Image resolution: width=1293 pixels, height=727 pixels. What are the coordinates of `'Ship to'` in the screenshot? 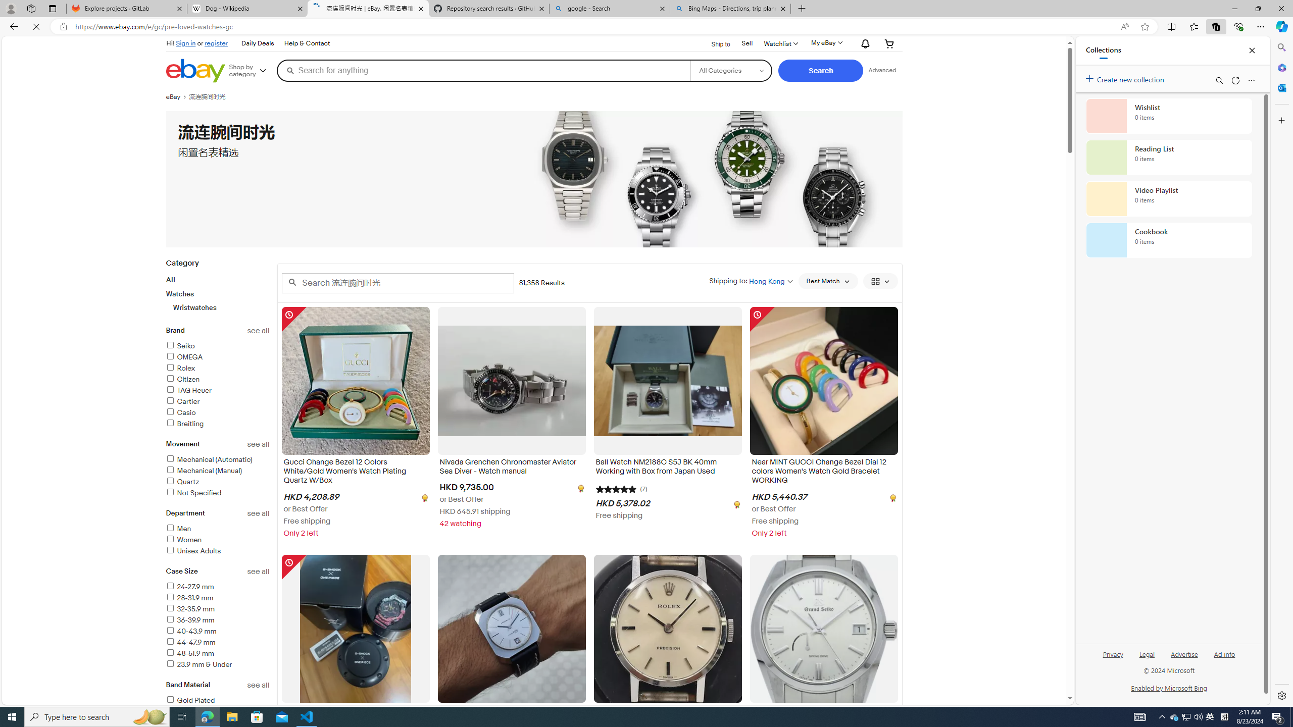 It's located at (714, 42).